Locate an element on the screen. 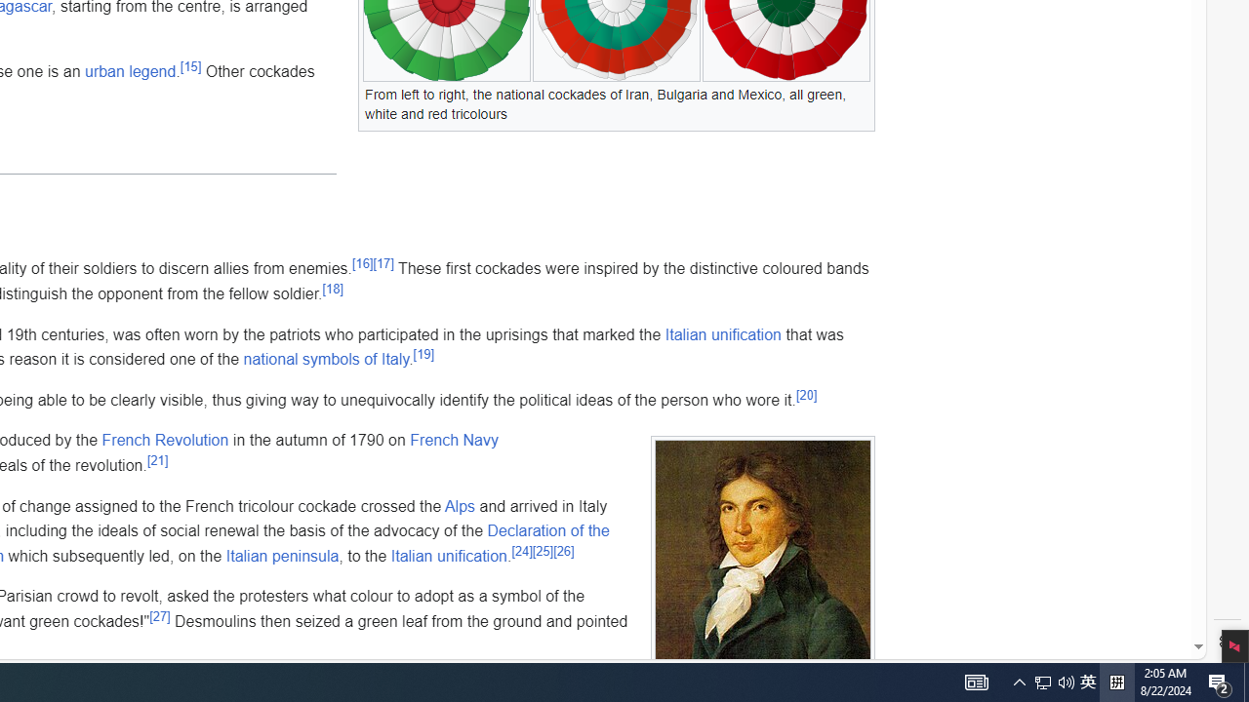 The width and height of the screenshot is (1249, 702). '[17]' is located at coordinates (383, 264).